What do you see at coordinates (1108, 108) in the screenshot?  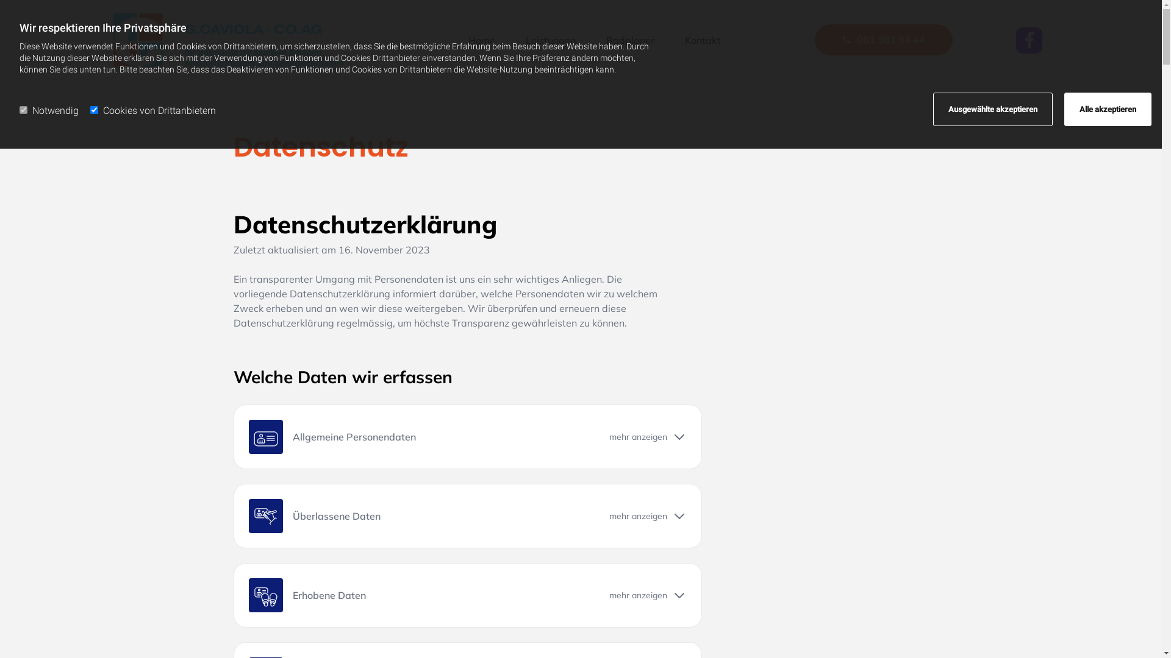 I see `'Alle akzeptieren'` at bounding box center [1108, 108].